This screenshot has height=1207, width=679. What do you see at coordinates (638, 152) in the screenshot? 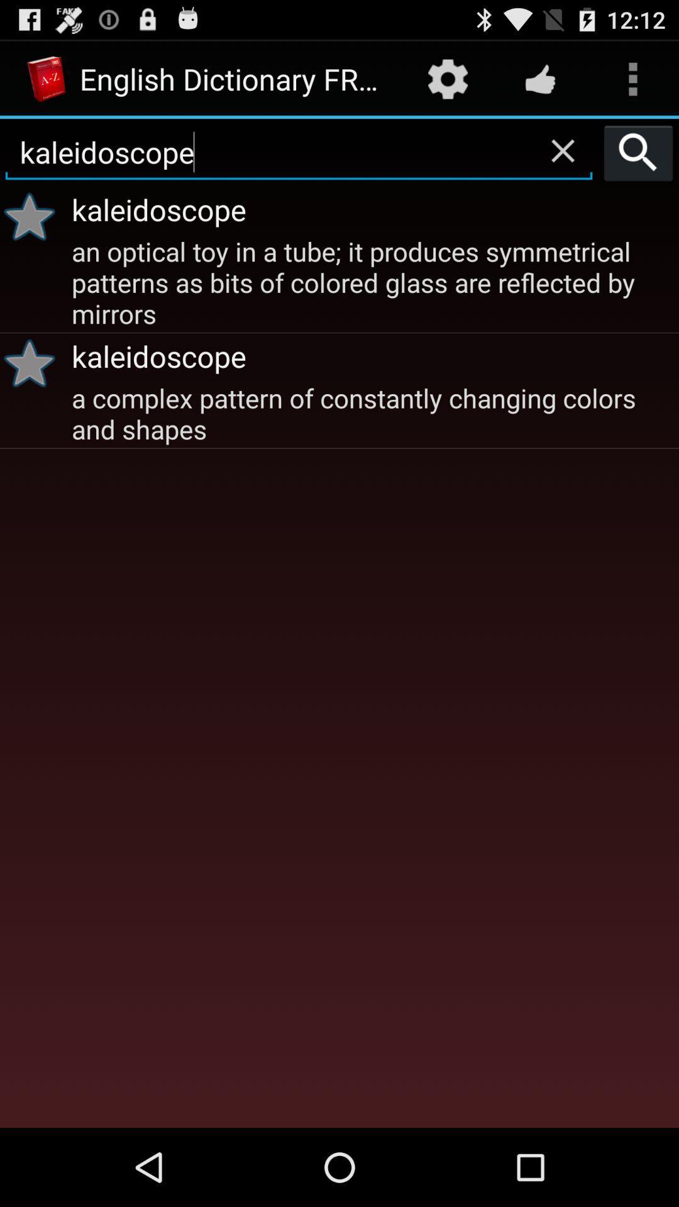
I see `the item to the right of kaleidoscope icon` at bounding box center [638, 152].